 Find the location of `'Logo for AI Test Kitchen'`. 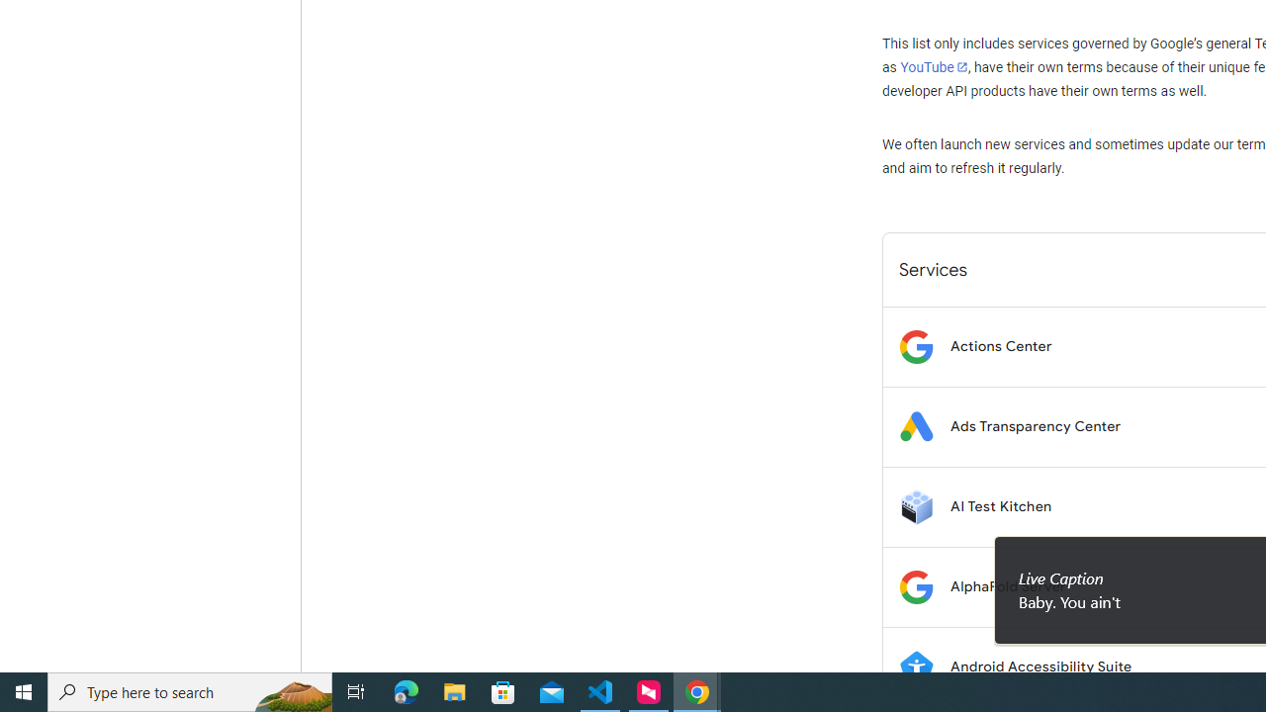

'Logo for AI Test Kitchen' is located at coordinates (915, 505).